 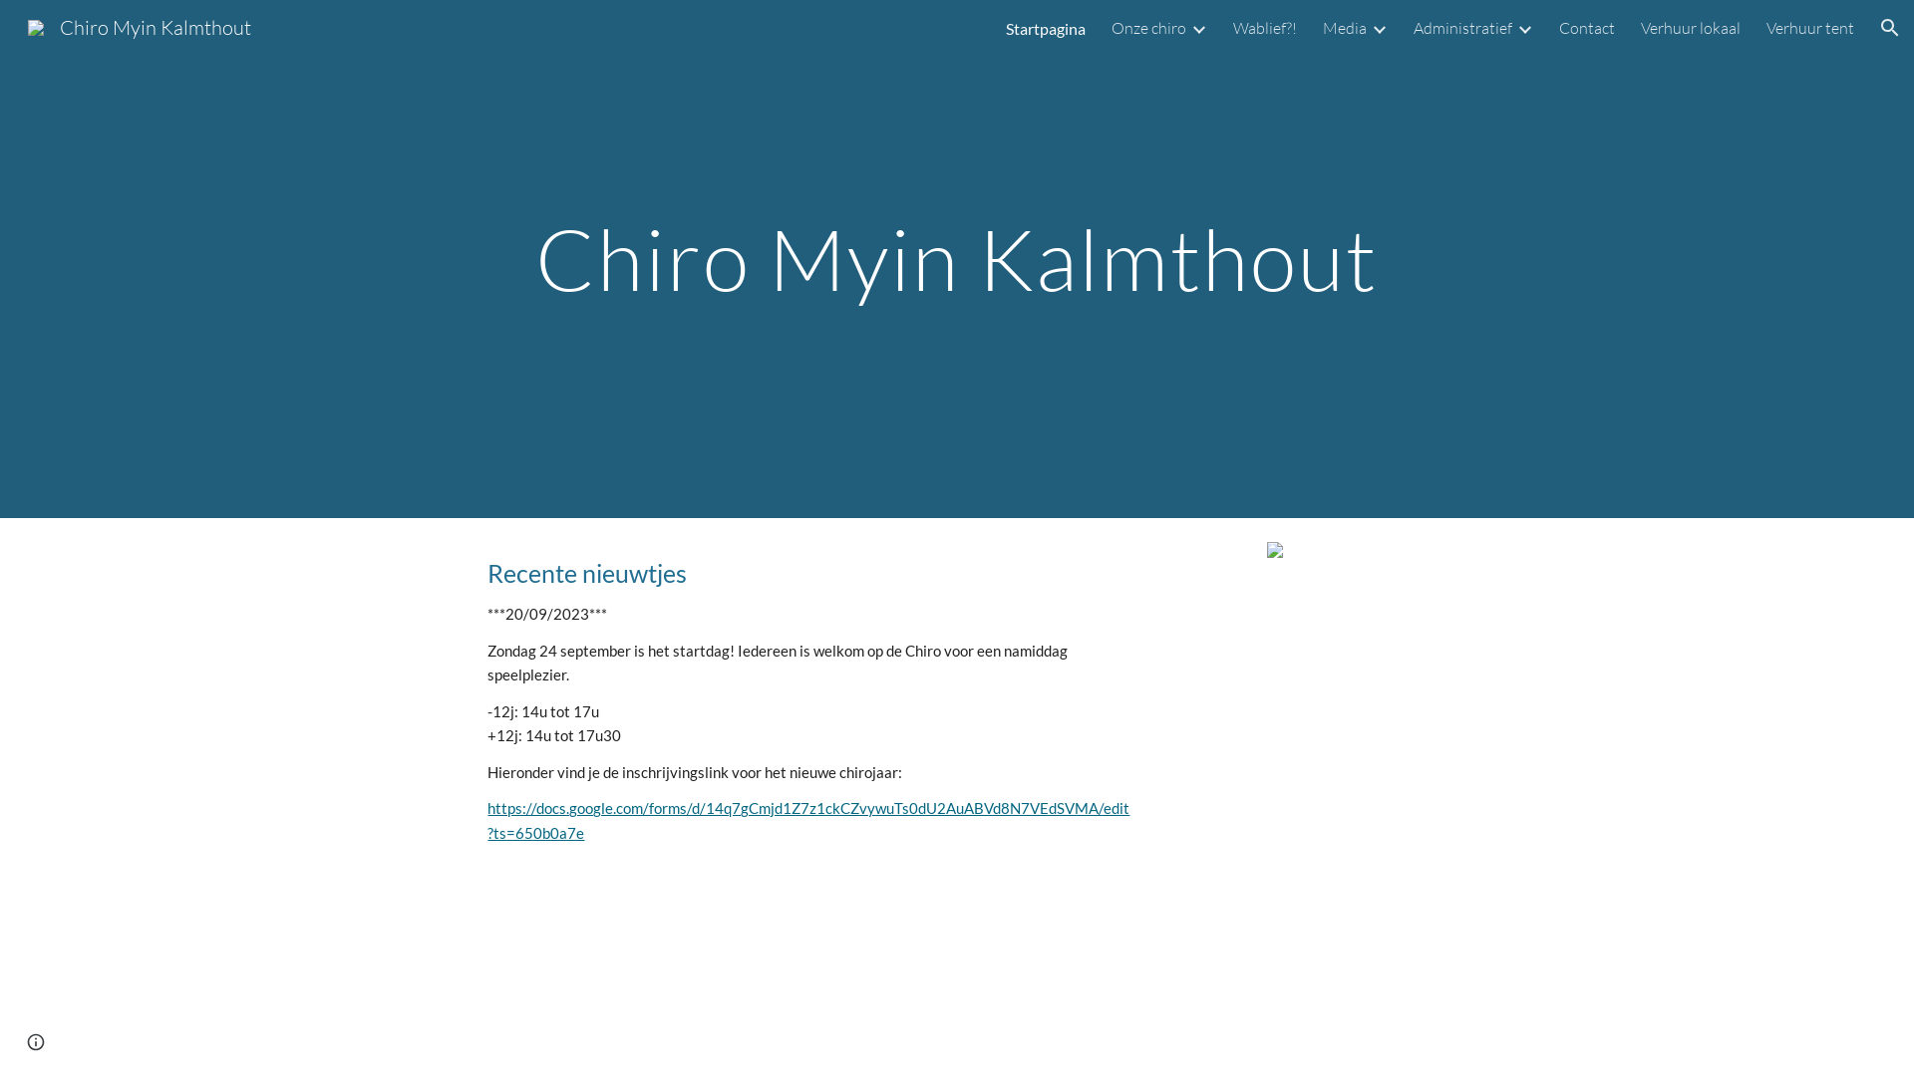 I want to click on 'Verhuur lokaal', so click(x=1689, y=27).